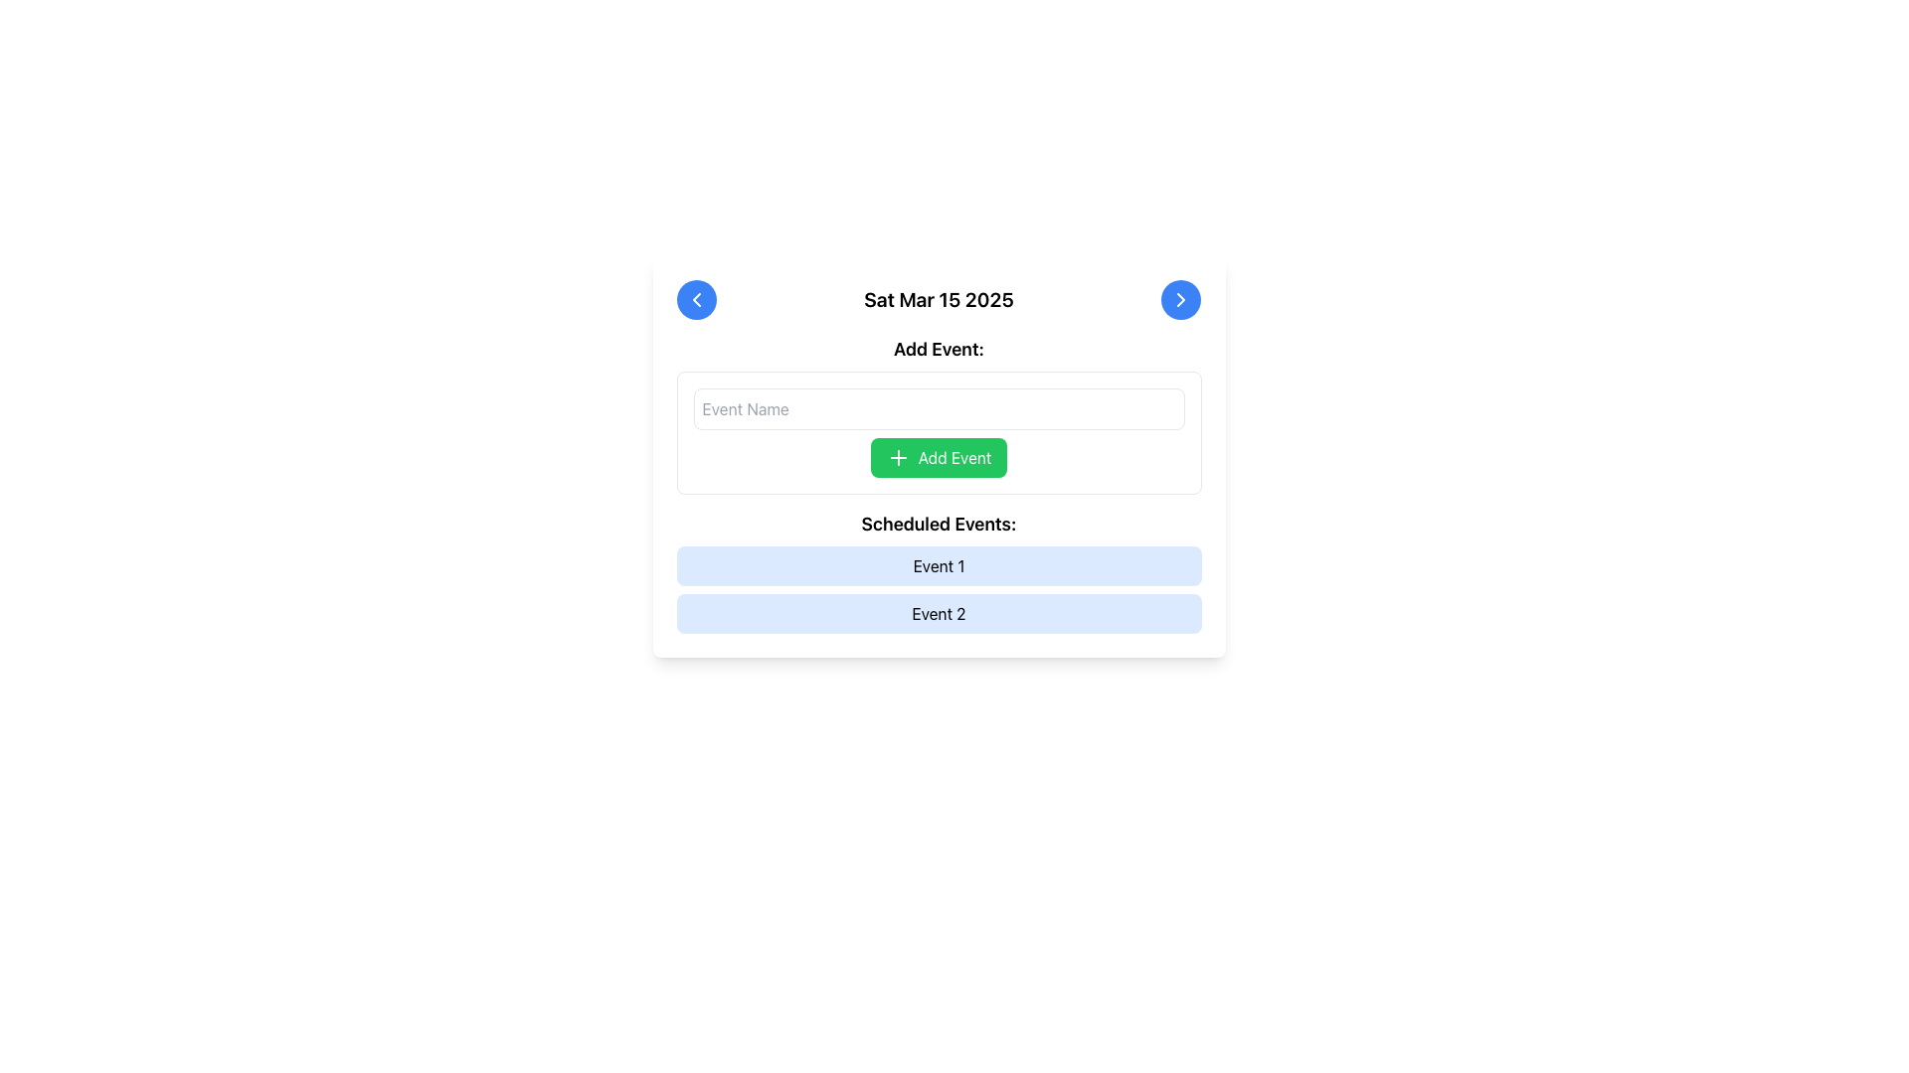 The height and width of the screenshot is (1073, 1909). What do you see at coordinates (1181, 299) in the screenshot?
I see `the circular blue button with a white right-pointing chevron icon located next to the text 'Sat Mar 15 2025' in the header section` at bounding box center [1181, 299].